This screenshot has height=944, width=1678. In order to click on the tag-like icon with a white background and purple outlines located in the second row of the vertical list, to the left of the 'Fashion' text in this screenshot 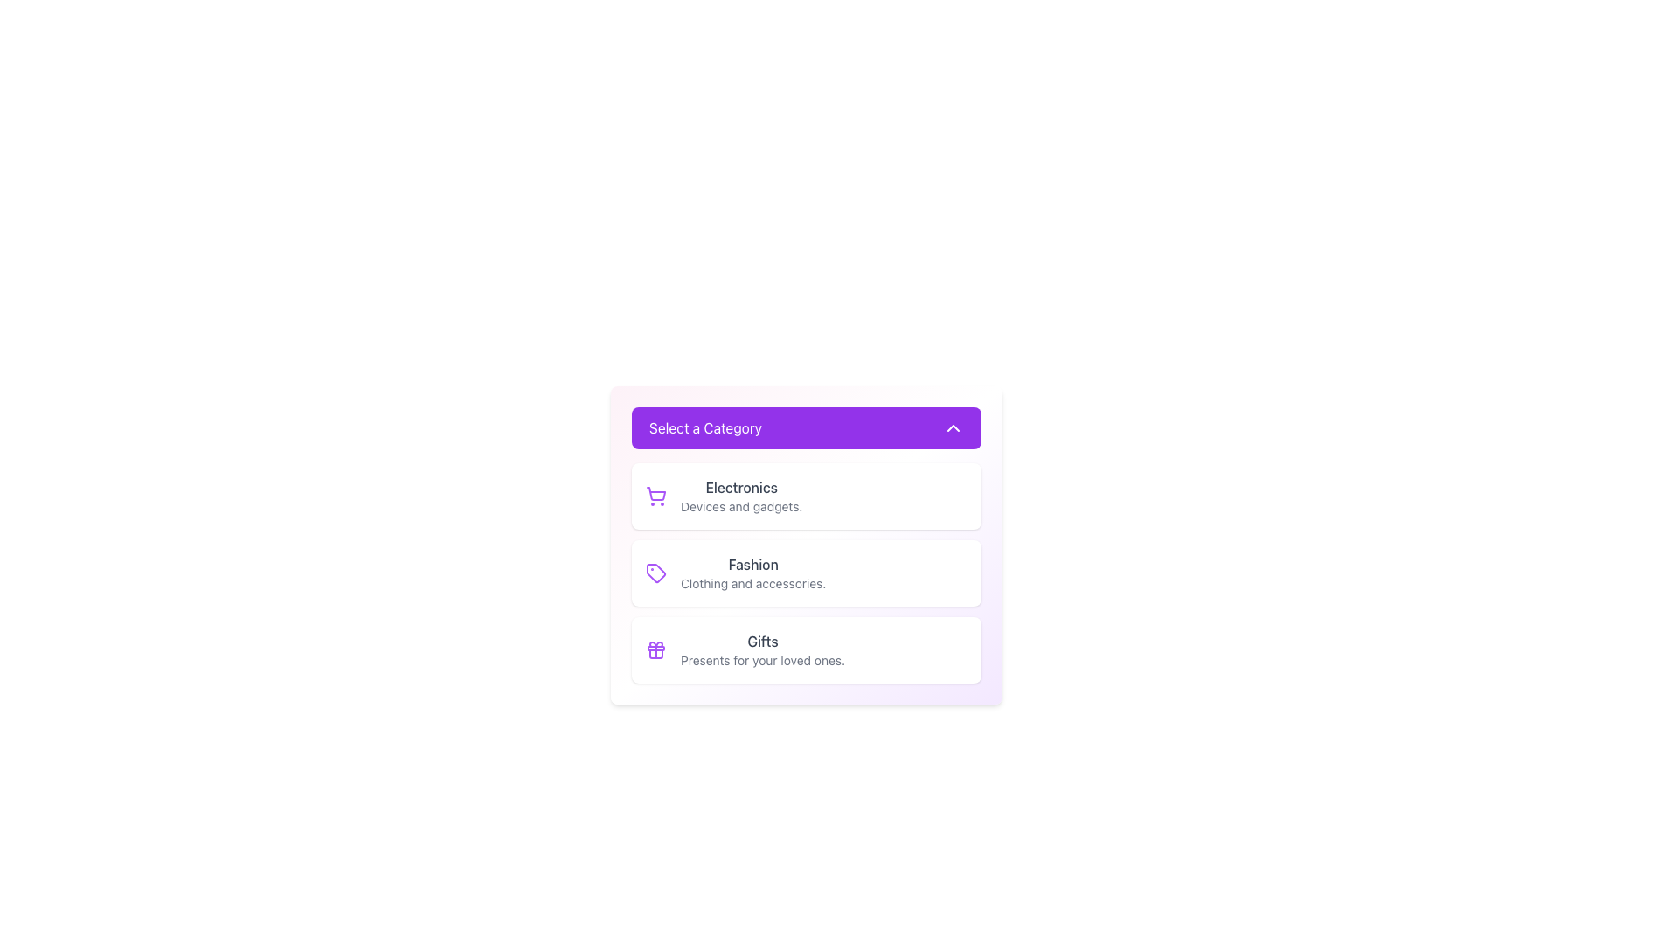, I will do `click(655, 573)`.